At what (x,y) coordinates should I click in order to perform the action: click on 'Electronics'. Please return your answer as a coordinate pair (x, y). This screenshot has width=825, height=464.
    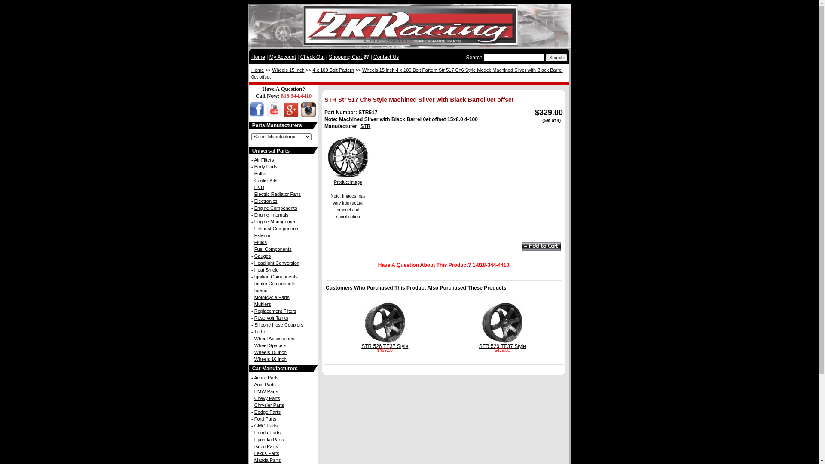
    Looking at the image, I should click on (254, 201).